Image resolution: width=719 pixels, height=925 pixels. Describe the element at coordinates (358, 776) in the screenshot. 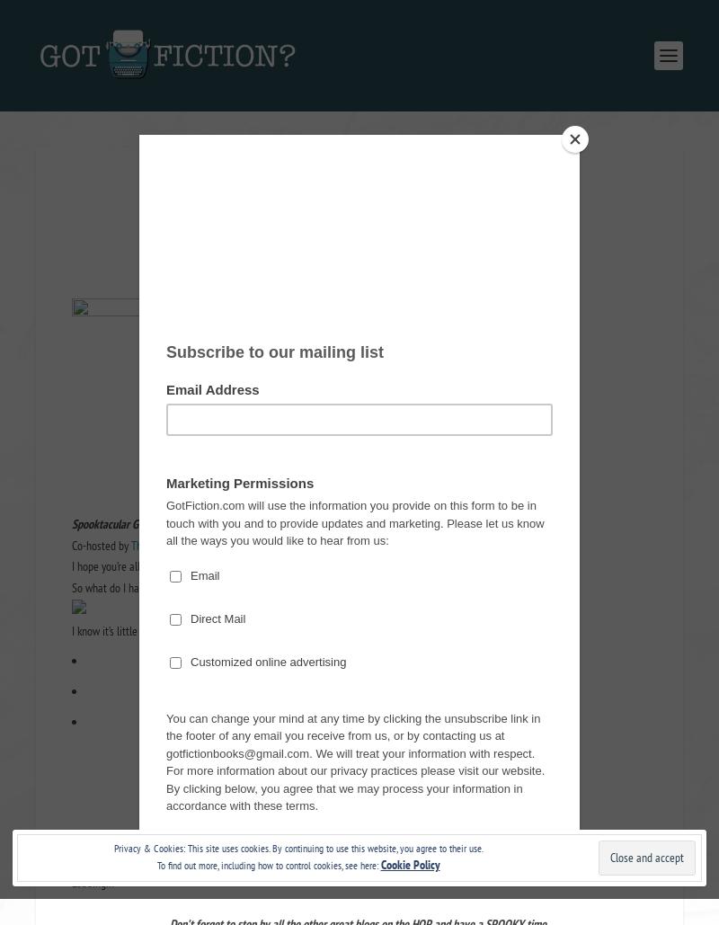

I see `'Additional entries'` at that location.